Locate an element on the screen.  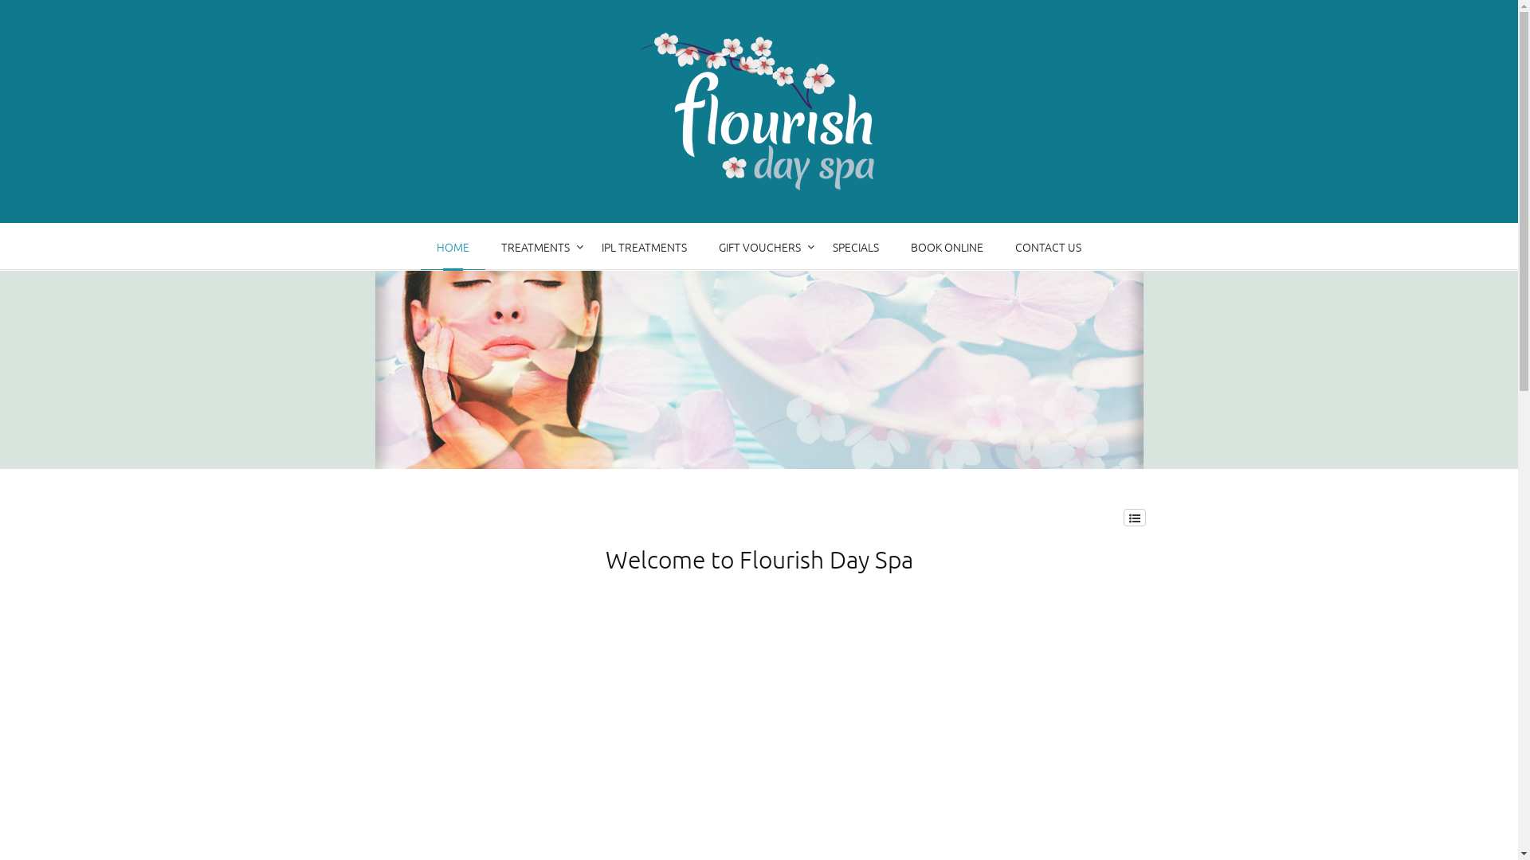
'SPECIALS' is located at coordinates (817, 246).